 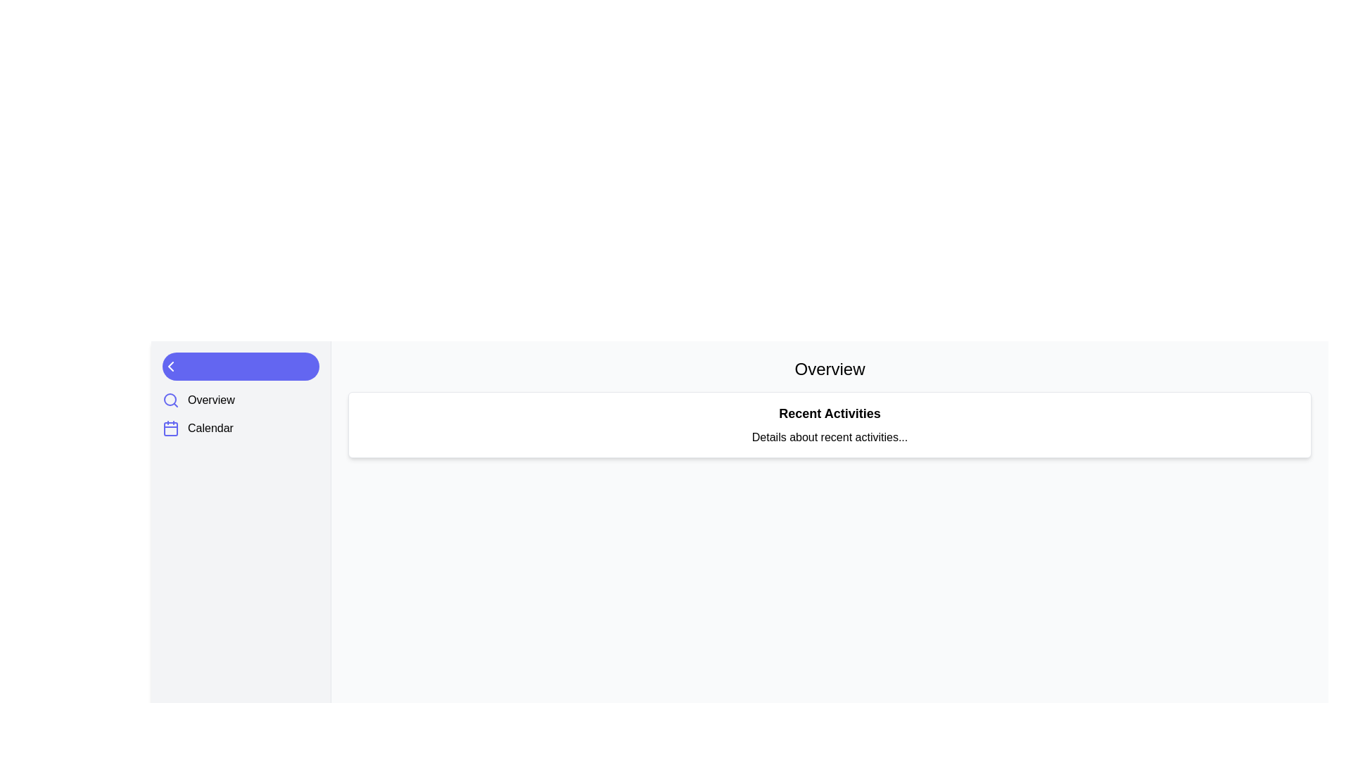 What do you see at coordinates (198, 400) in the screenshot?
I see `the 'Overview' navigation link, which features a small blue-tinted magnifying glass icon on the left followed by the text 'Overview' in black, located at the top of the navigation menu on the left-side panel` at bounding box center [198, 400].